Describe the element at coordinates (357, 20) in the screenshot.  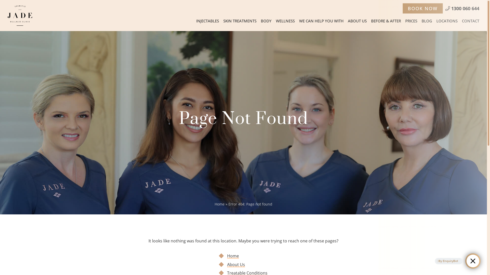
I see `'ABOUT US'` at that location.